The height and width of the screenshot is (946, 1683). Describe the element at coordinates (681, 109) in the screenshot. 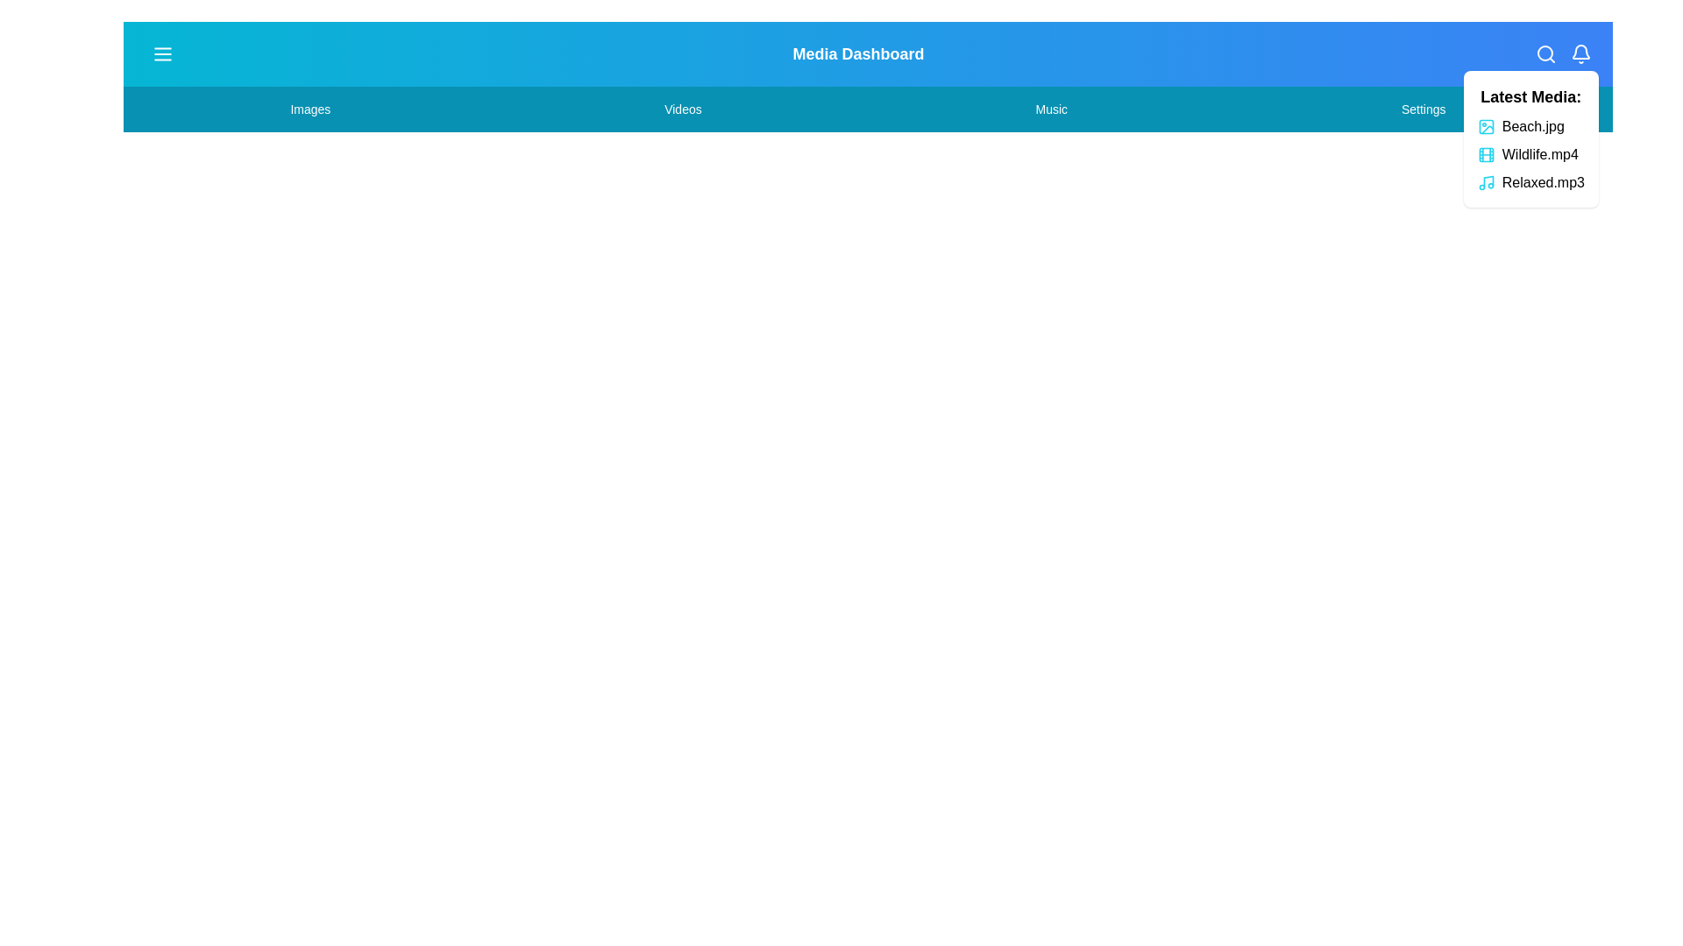

I see `the menu item Videos by clicking on it` at that location.